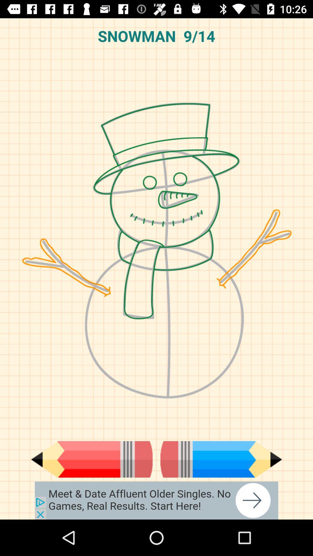 The height and width of the screenshot is (556, 313). I want to click on back, so click(91, 459).